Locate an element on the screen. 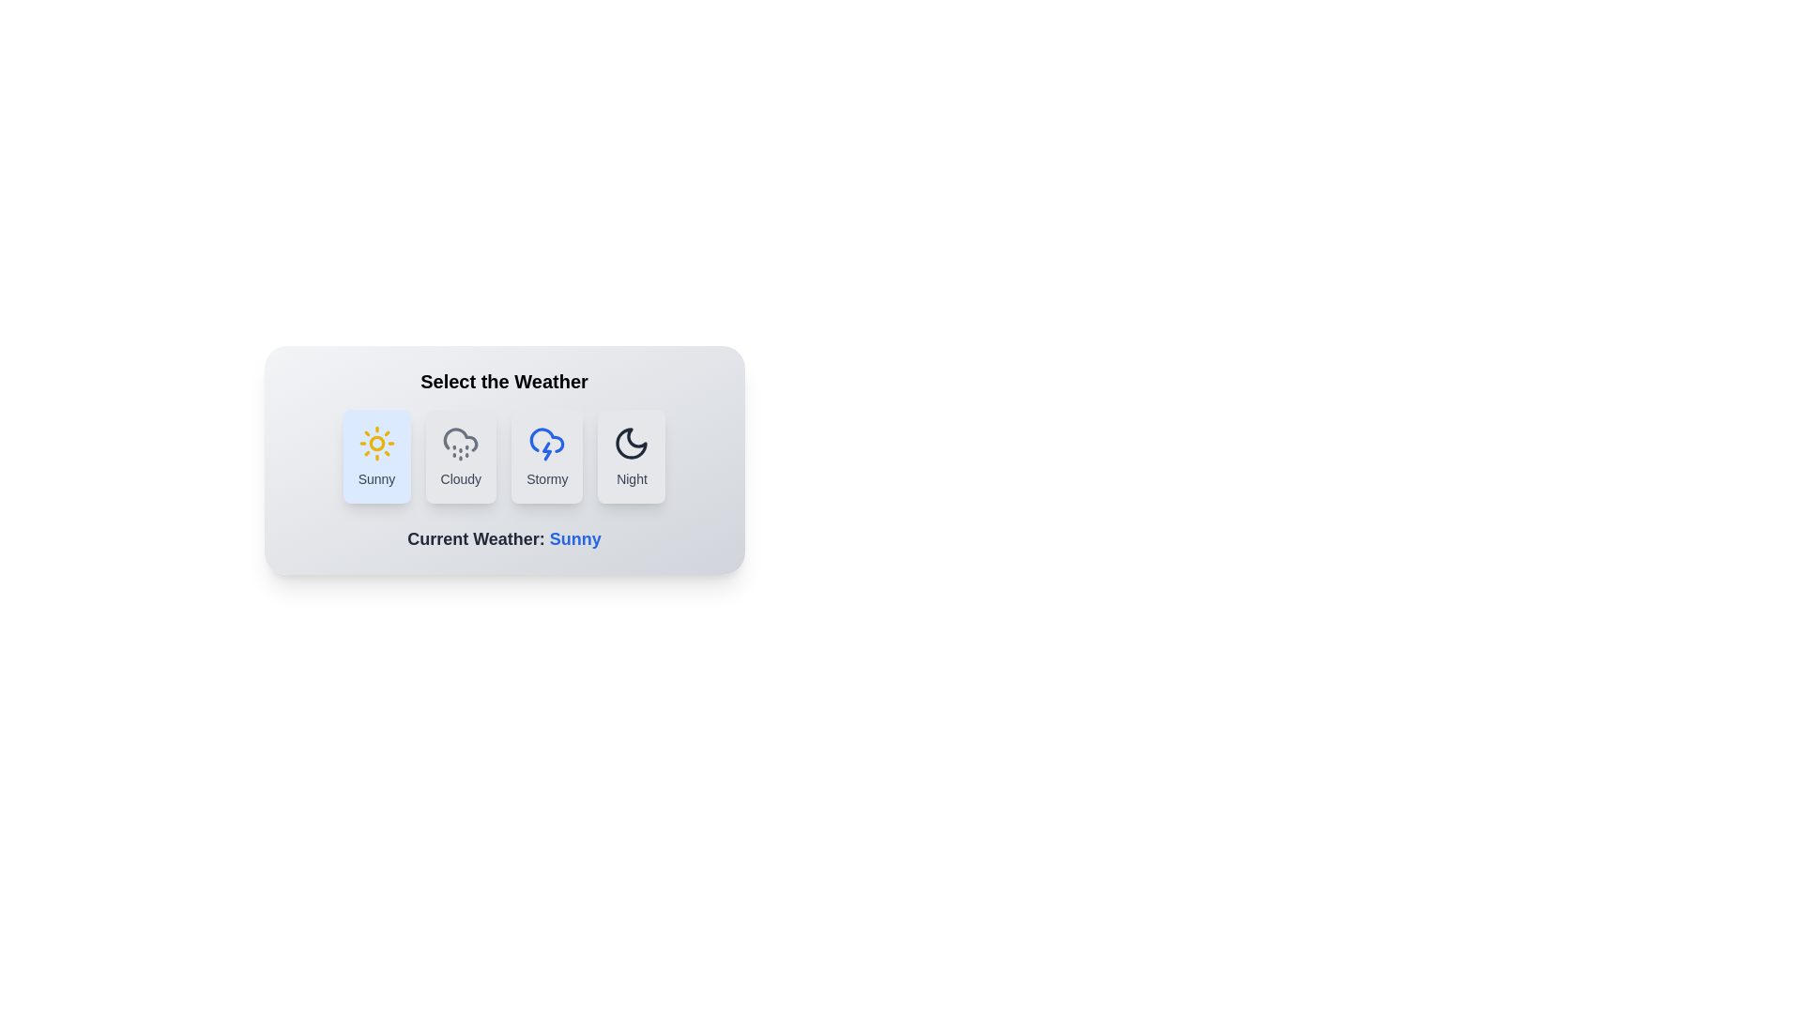  the Cloudy button to select the corresponding weather option is located at coordinates (461, 456).